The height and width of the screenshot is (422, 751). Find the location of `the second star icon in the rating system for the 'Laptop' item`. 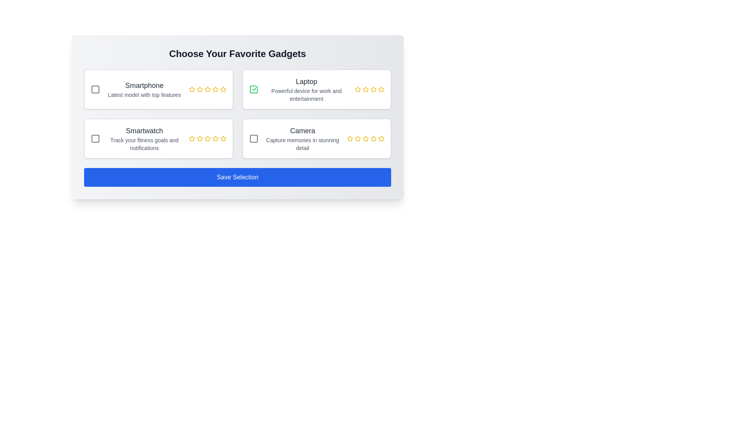

the second star icon in the rating system for the 'Laptop' item is located at coordinates (358, 89).